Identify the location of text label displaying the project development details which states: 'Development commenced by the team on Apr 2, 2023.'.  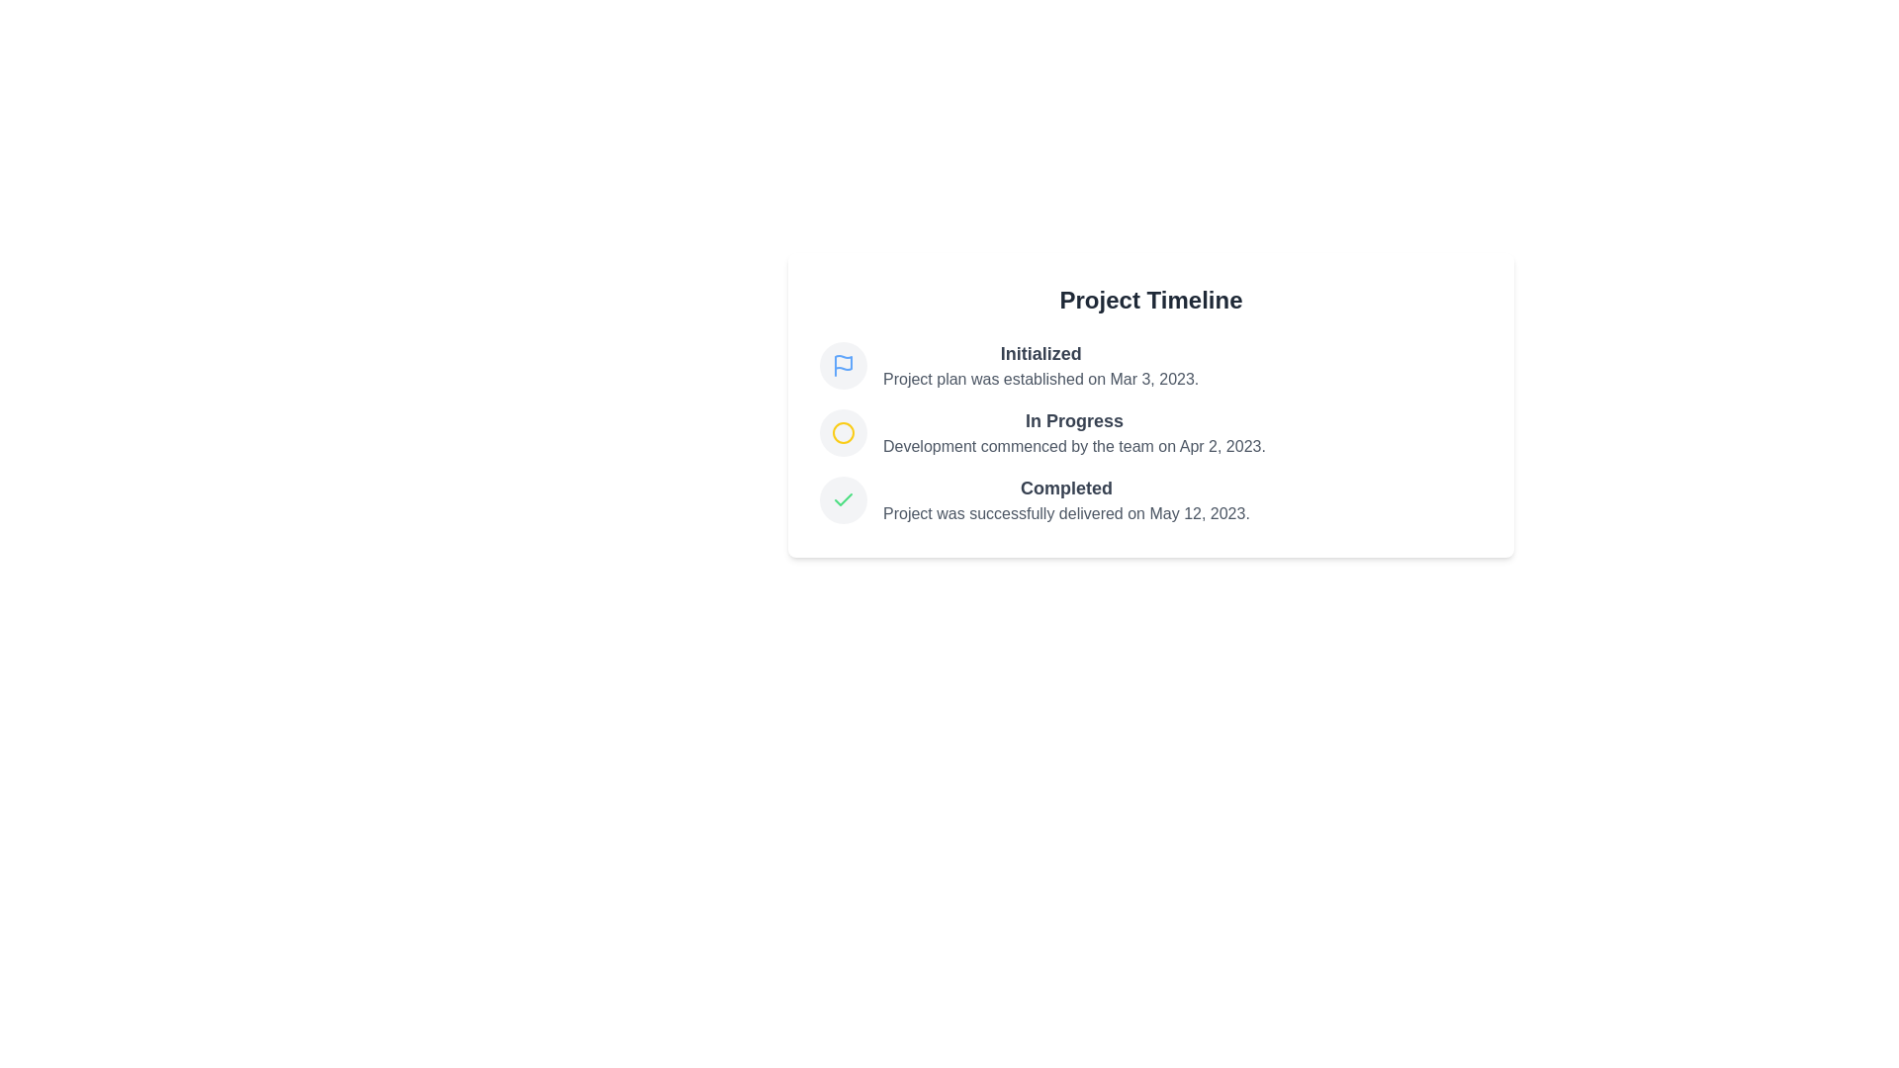
(1073, 446).